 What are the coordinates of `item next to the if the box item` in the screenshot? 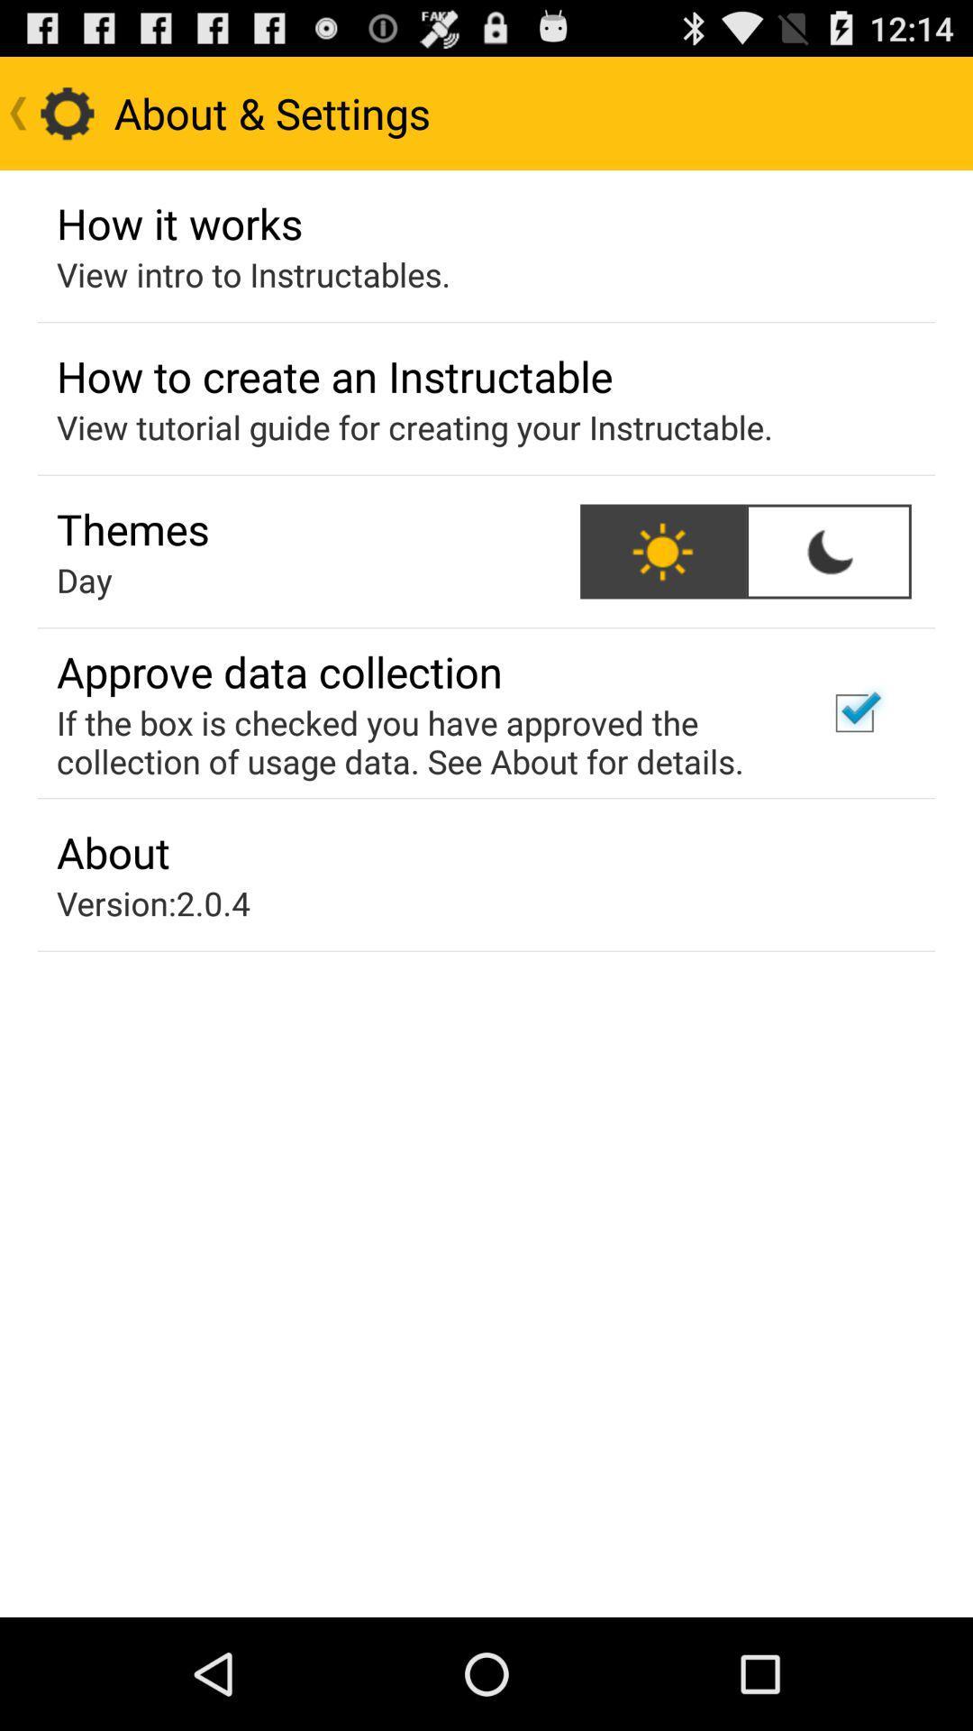 It's located at (853, 712).